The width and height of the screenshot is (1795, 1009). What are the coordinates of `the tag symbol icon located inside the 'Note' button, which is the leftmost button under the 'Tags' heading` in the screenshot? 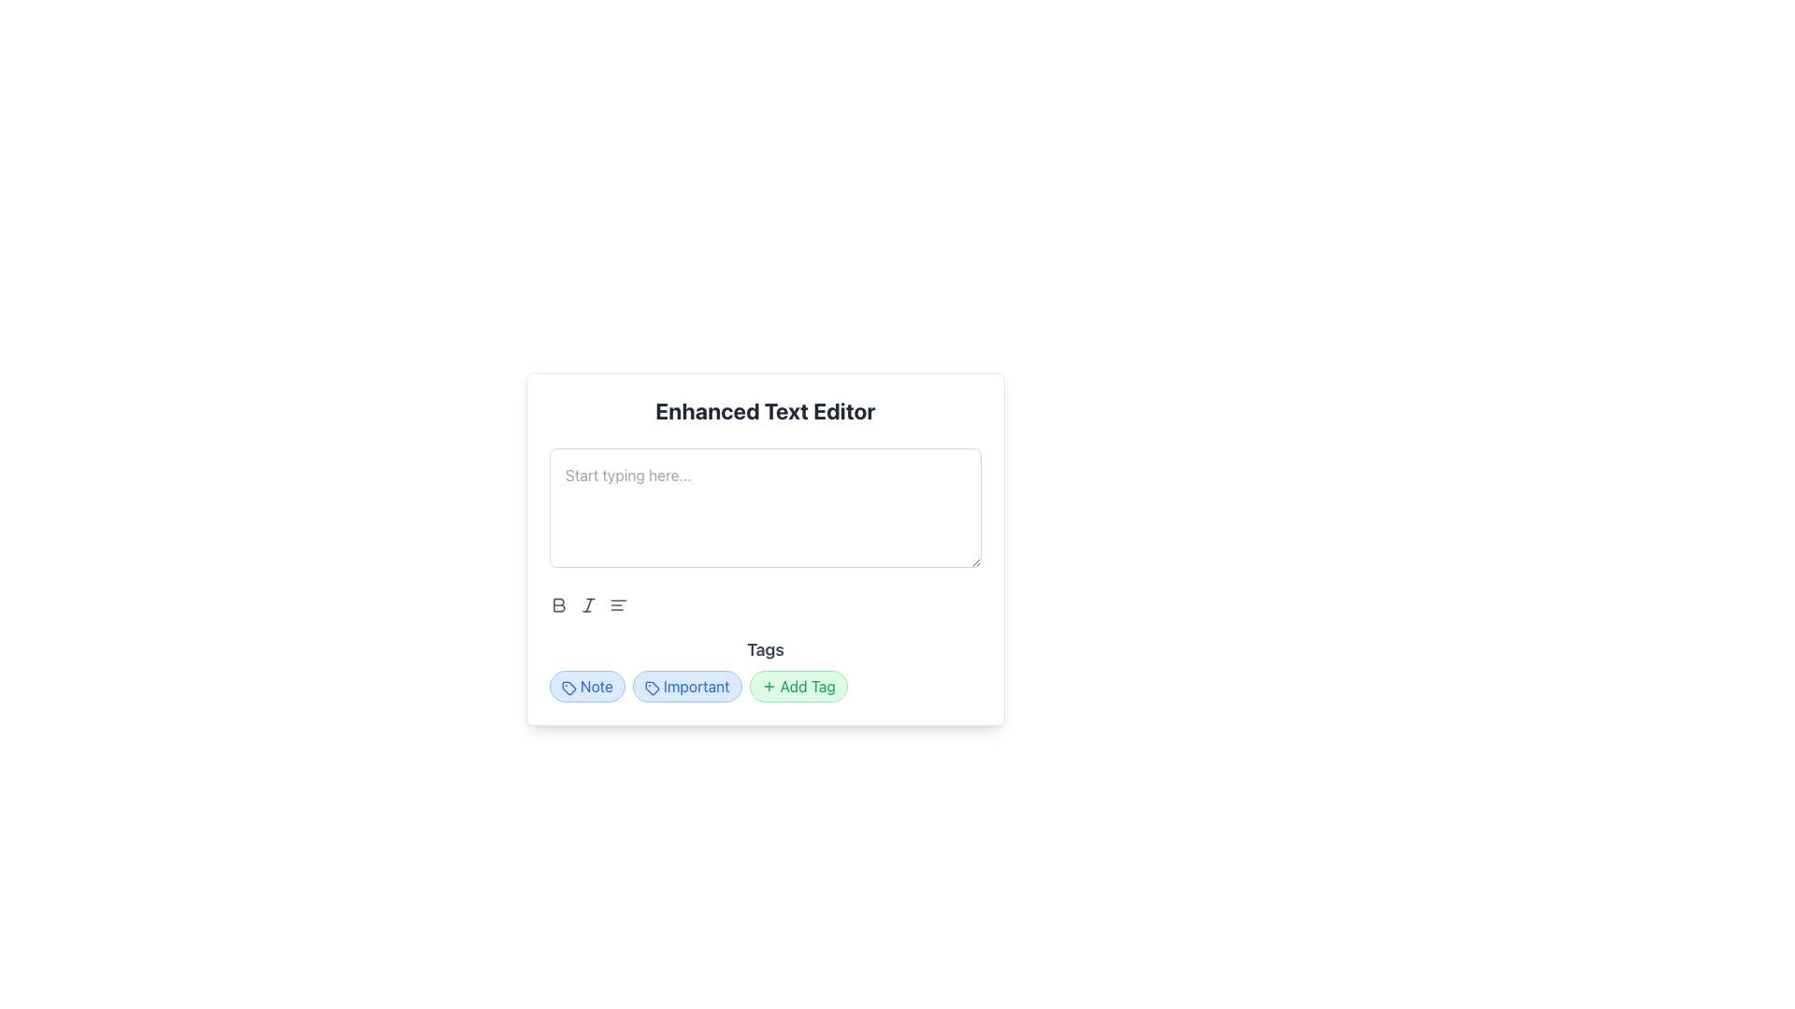 It's located at (568, 688).